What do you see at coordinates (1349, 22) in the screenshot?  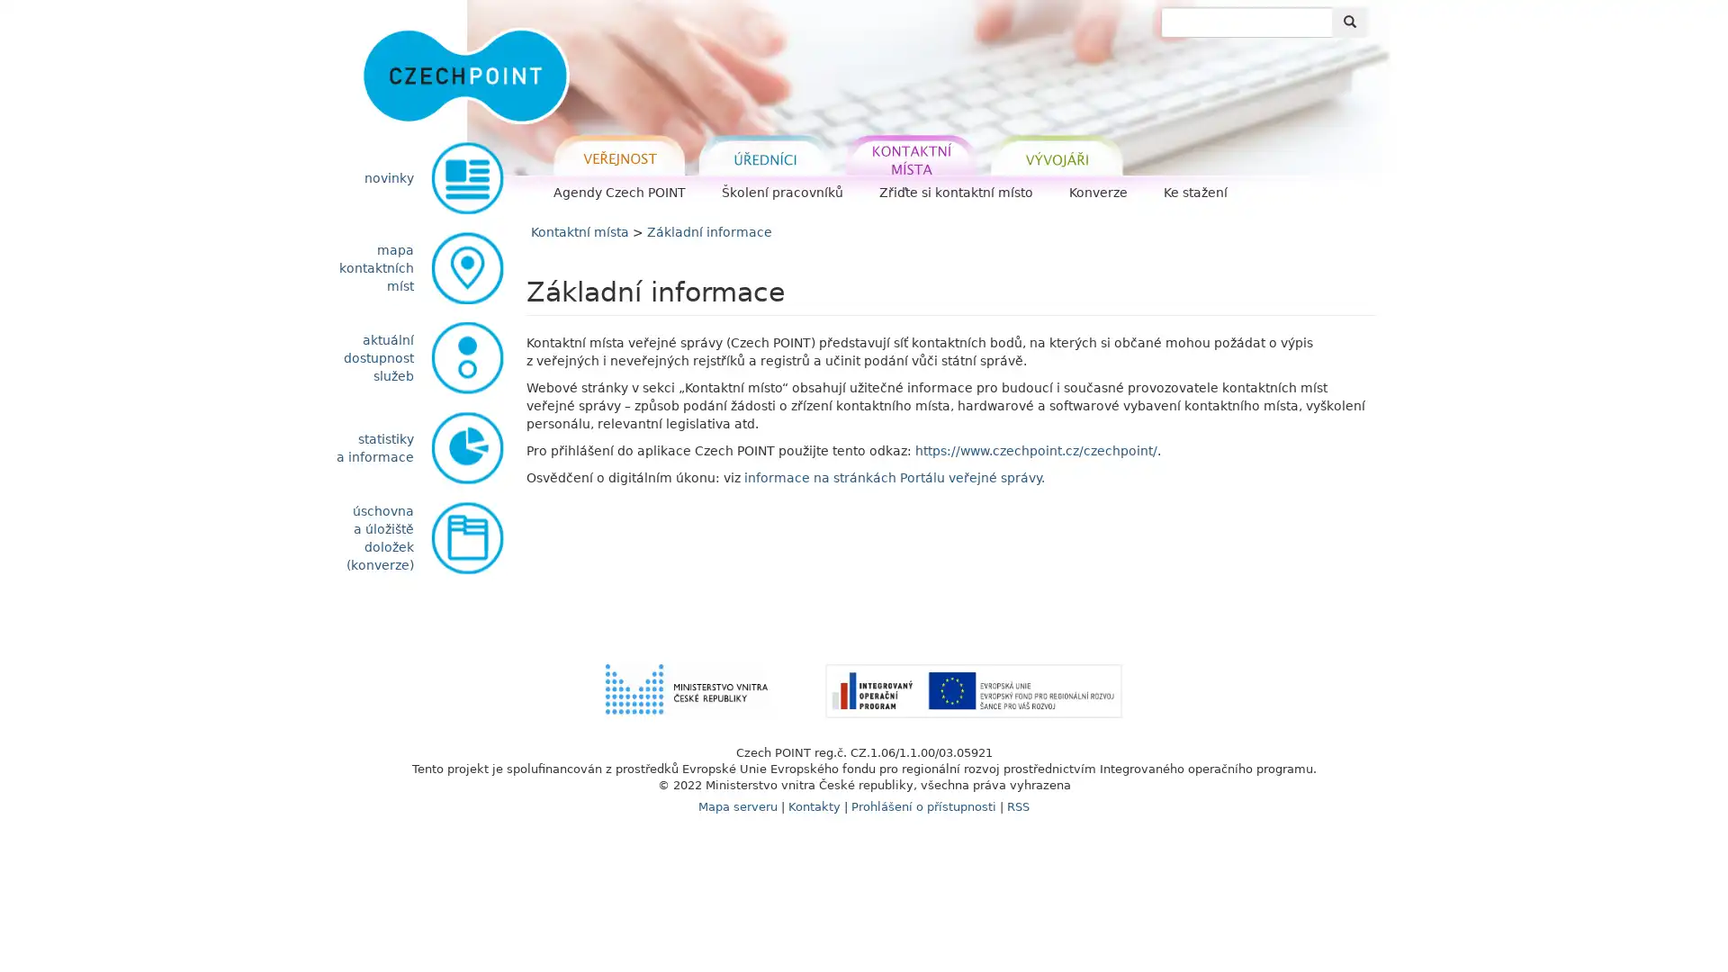 I see `Odeslat` at bounding box center [1349, 22].